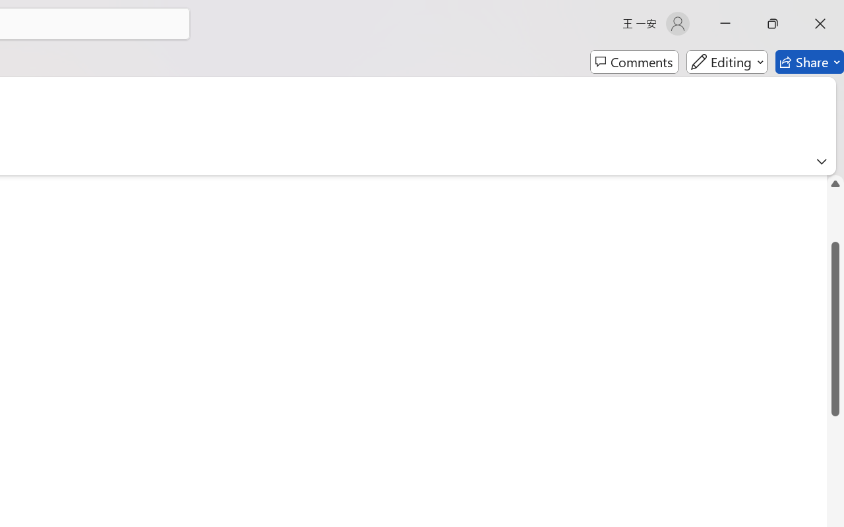  What do you see at coordinates (773, 23) in the screenshot?
I see `'Restore Down'` at bounding box center [773, 23].